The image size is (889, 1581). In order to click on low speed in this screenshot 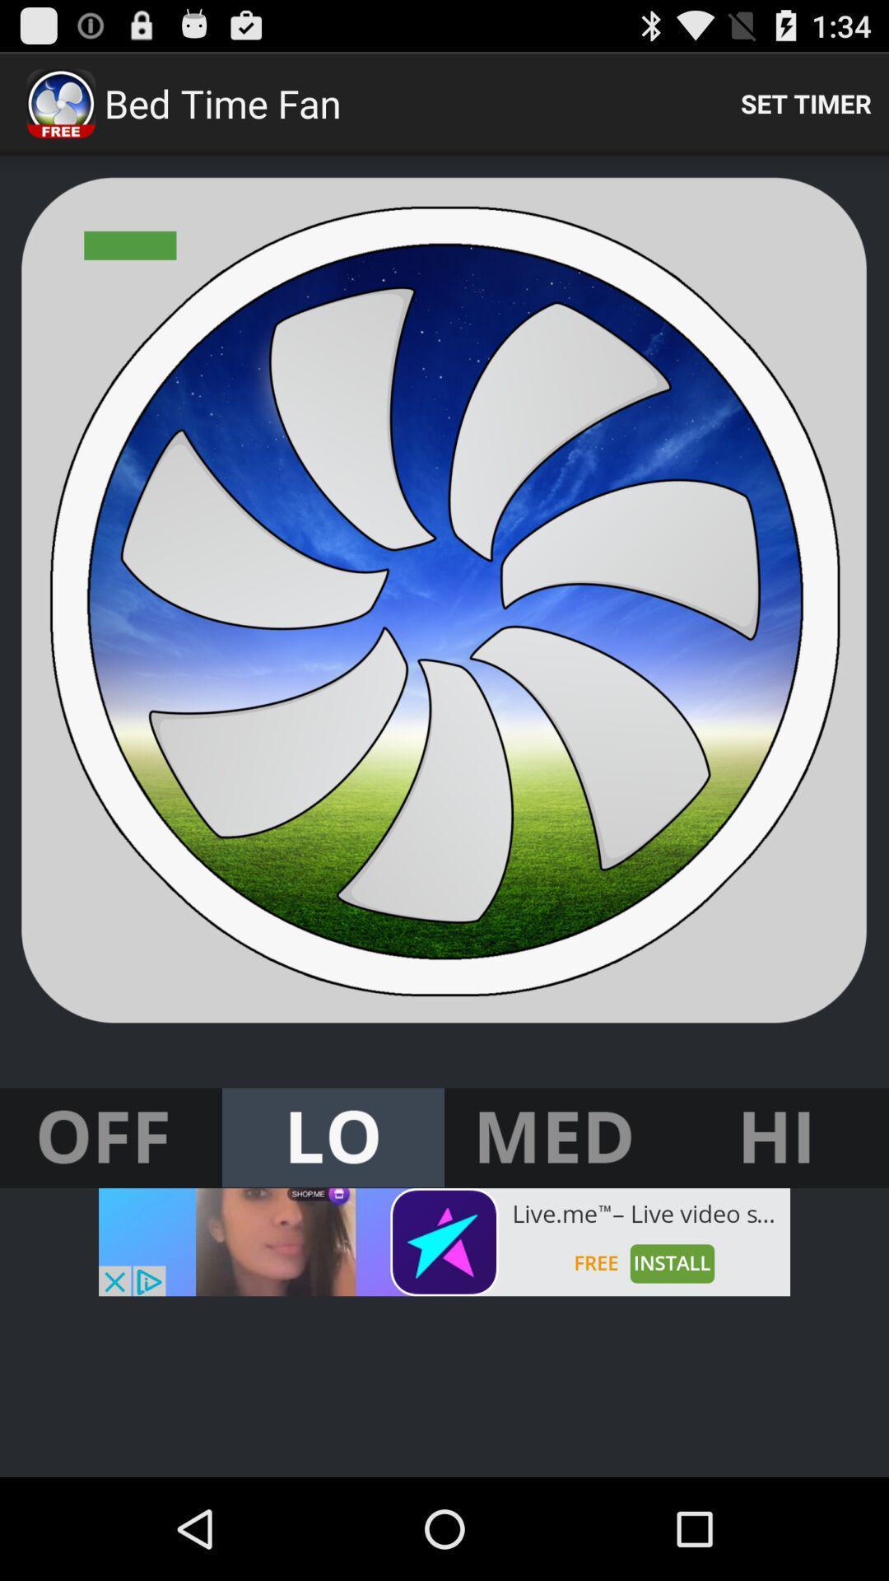, I will do `click(333, 1137)`.